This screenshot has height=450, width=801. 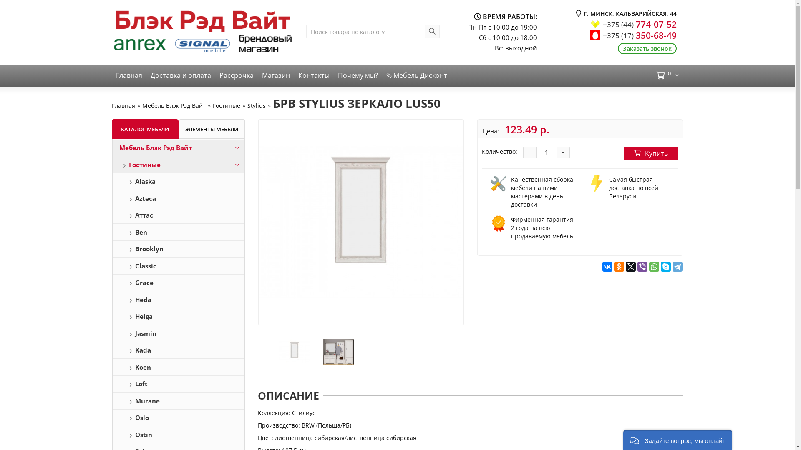 I want to click on 'Ostin', so click(x=178, y=434).